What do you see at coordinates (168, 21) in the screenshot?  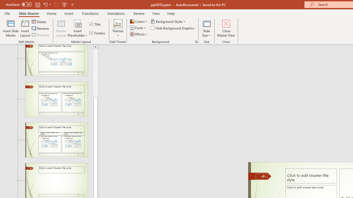 I see `'Background Styles'` at bounding box center [168, 21].